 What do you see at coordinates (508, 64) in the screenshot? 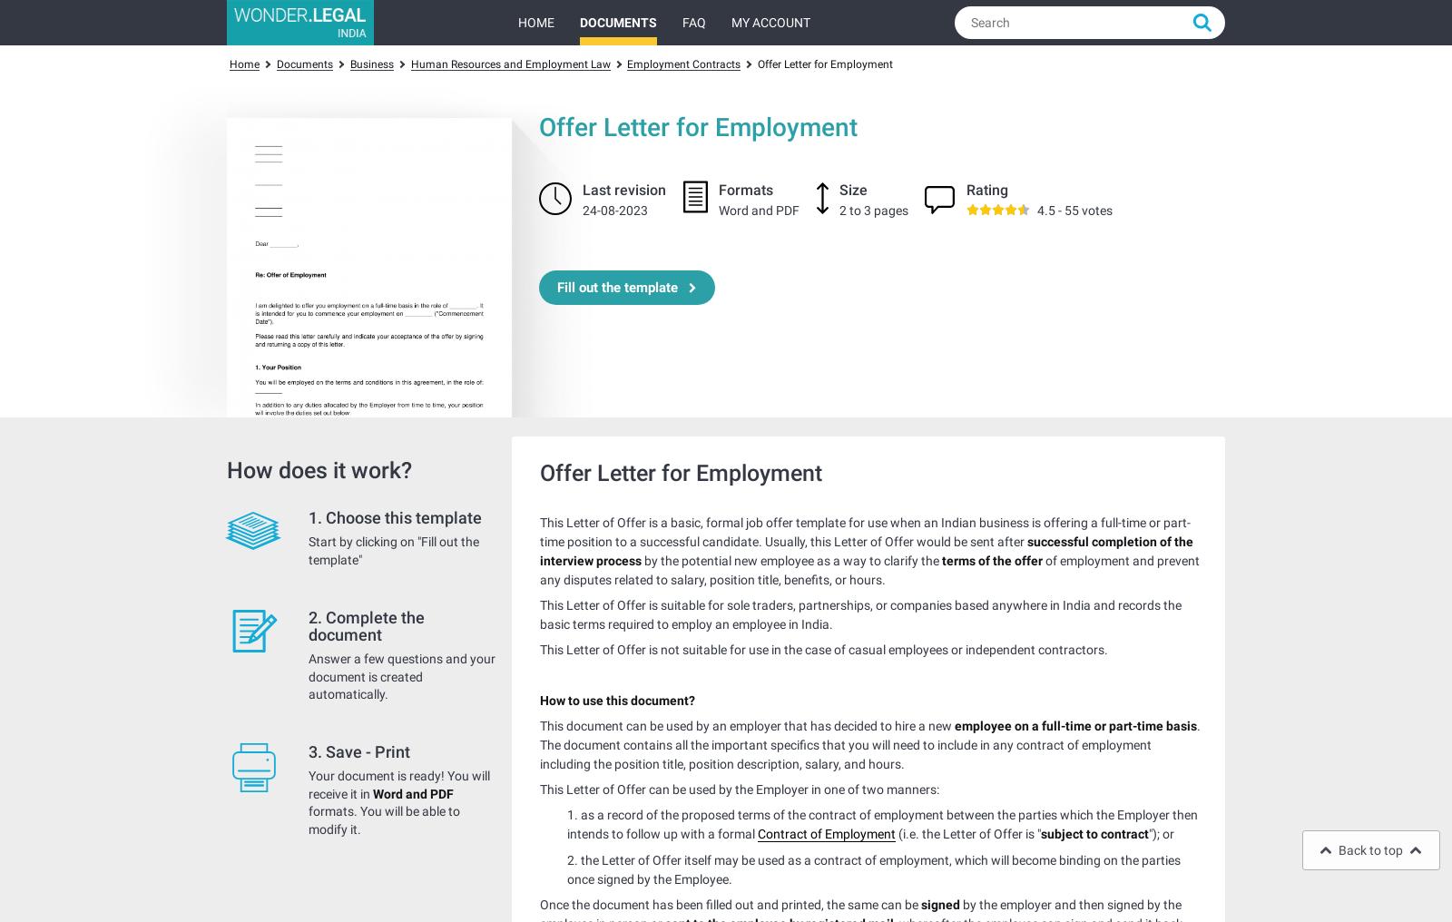
I see `'Human Resources and Employment Law'` at bounding box center [508, 64].